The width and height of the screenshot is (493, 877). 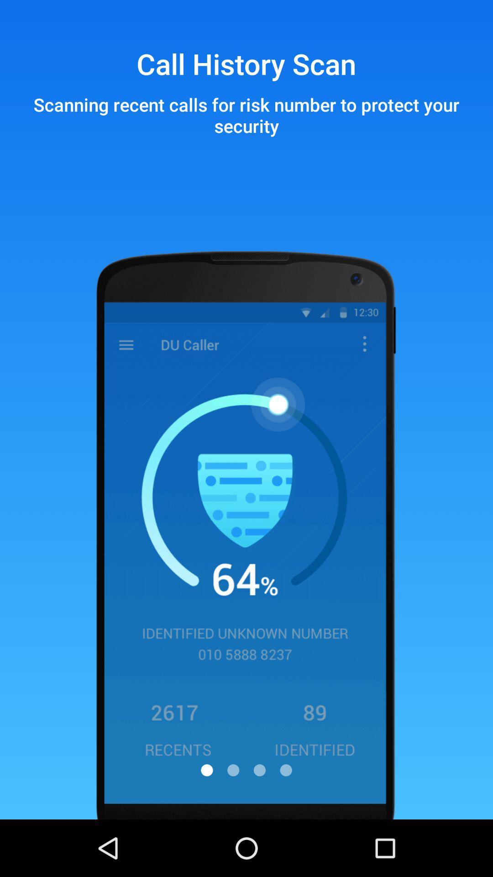 I want to click on the avatar icon, so click(x=207, y=770).